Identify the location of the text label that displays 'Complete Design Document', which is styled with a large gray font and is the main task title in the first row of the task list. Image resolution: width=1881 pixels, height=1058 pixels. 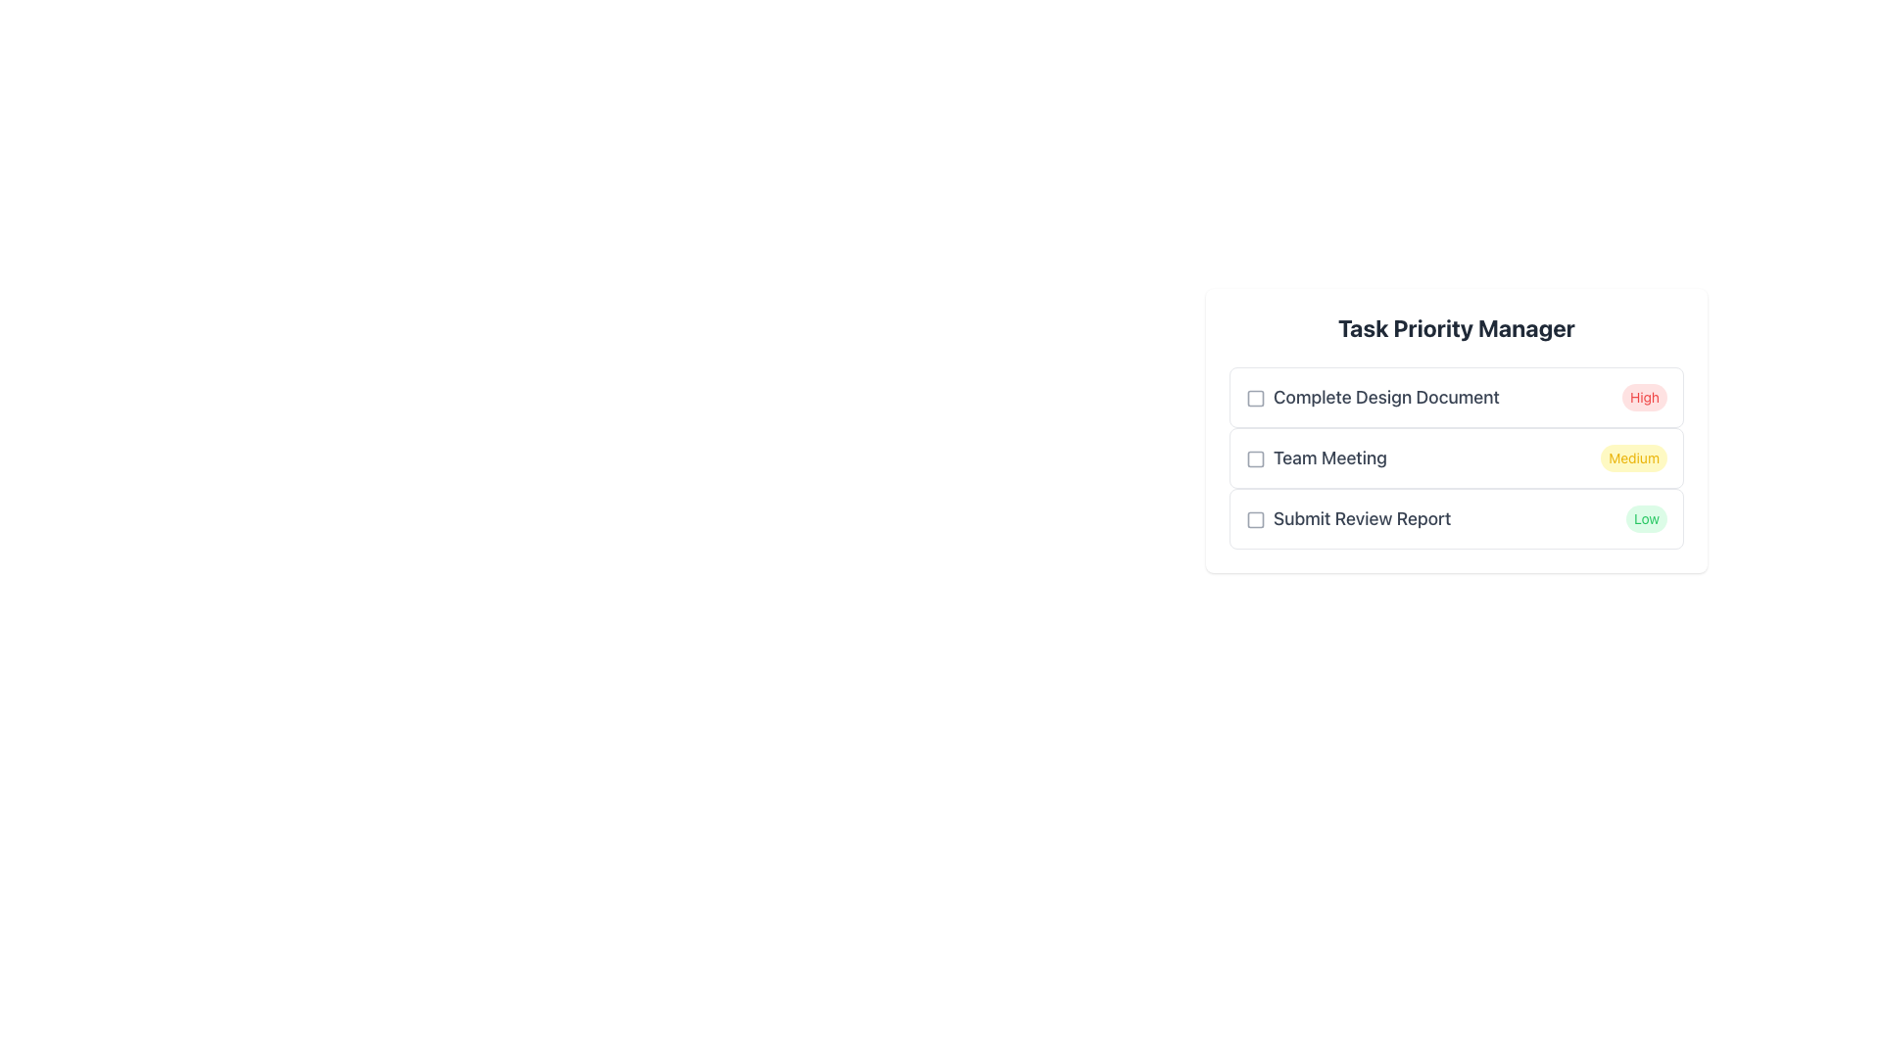
(1372, 397).